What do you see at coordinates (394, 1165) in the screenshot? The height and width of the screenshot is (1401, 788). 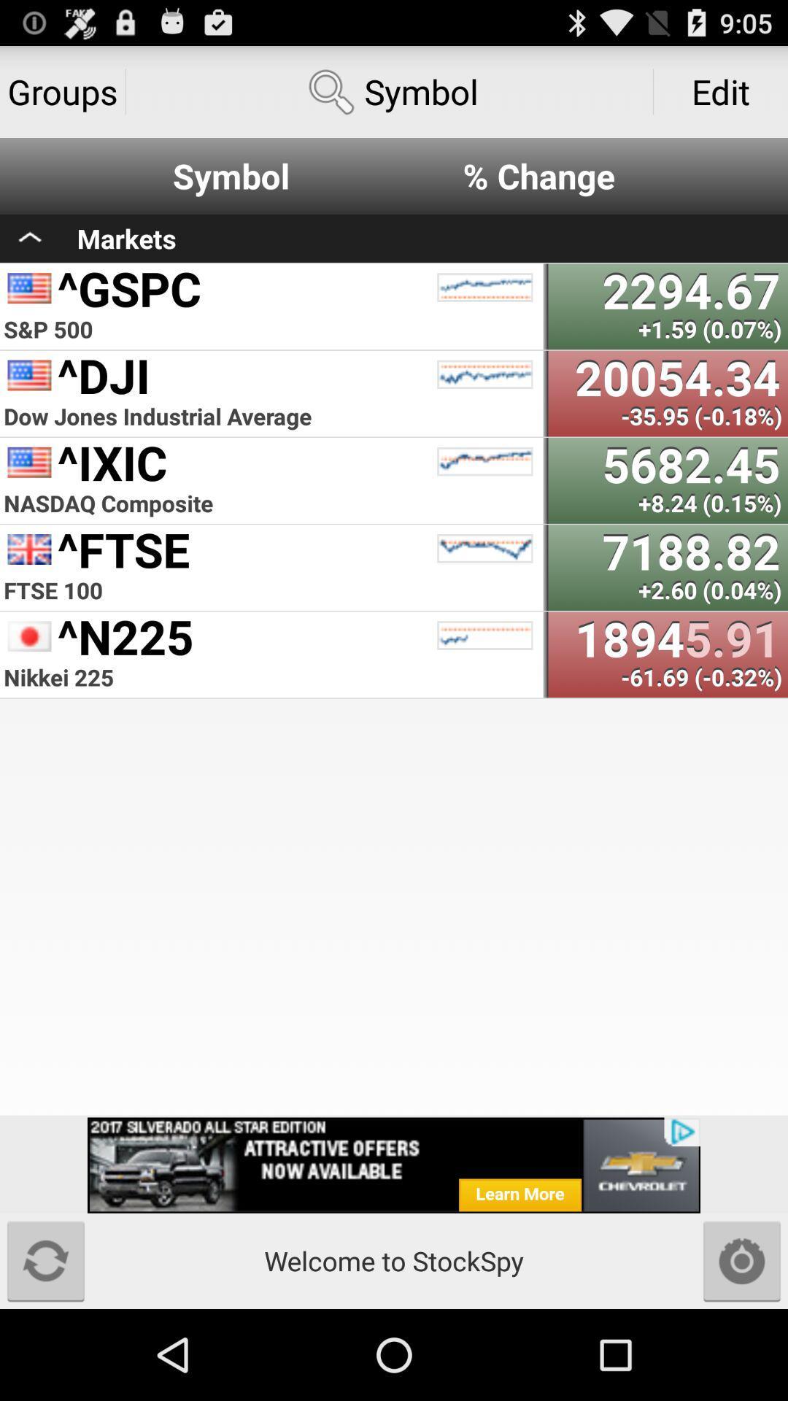 I see `advertisement` at bounding box center [394, 1165].